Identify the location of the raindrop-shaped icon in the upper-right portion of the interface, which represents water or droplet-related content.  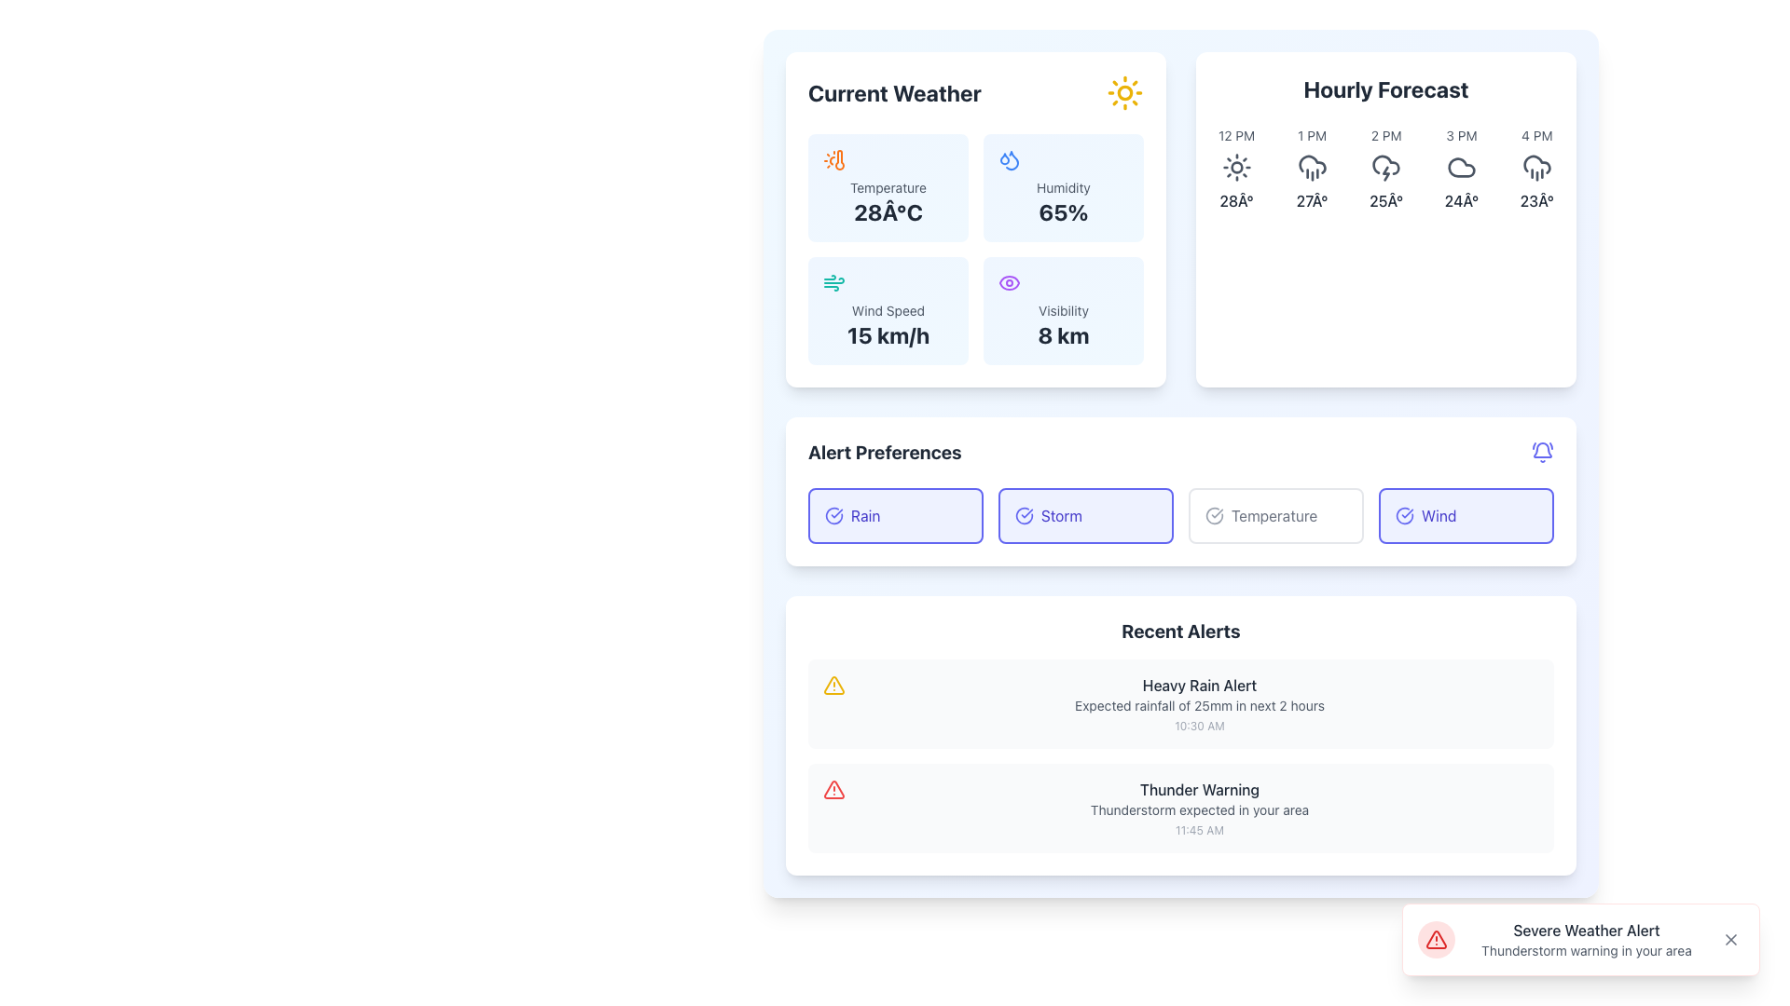
(1004, 156).